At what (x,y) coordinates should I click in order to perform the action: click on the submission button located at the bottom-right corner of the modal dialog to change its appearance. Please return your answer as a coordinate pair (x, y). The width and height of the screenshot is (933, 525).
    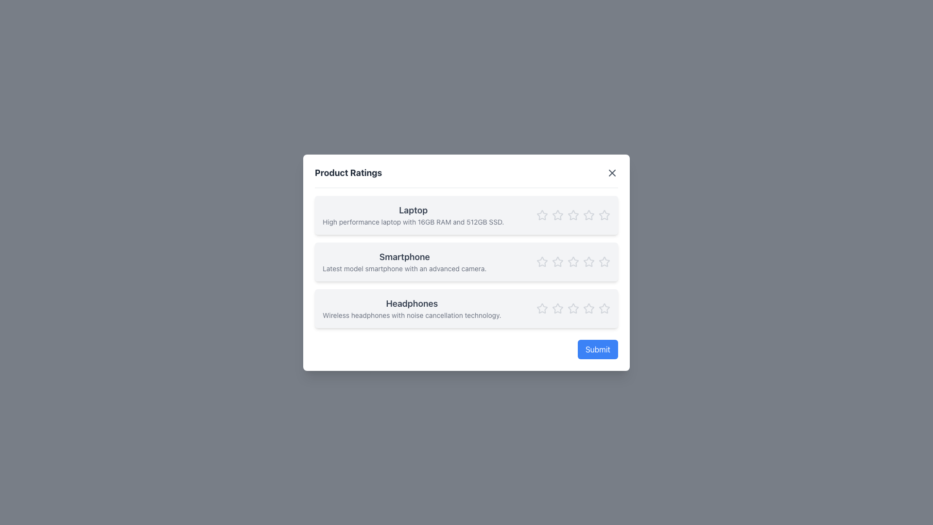
    Looking at the image, I should click on (597, 349).